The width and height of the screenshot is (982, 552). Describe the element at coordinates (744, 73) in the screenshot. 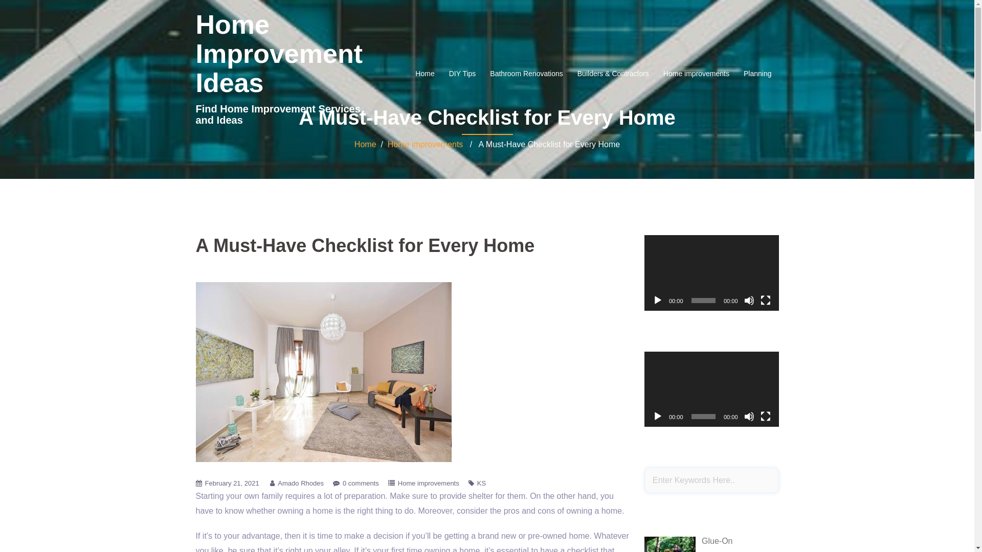

I see `'Planning'` at that location.